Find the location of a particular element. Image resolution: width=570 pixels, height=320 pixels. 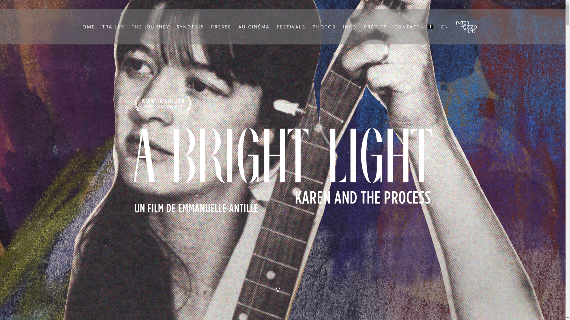

'v' is located at coordinates (283, 288).